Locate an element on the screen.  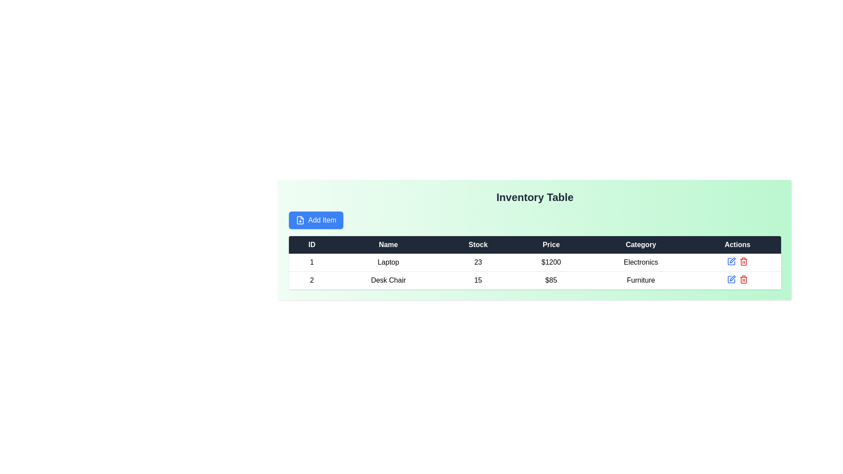
the text displaying the number '23' in the 'Stock' column of the 'Inventory Table' is located at coordinates (478, 262).